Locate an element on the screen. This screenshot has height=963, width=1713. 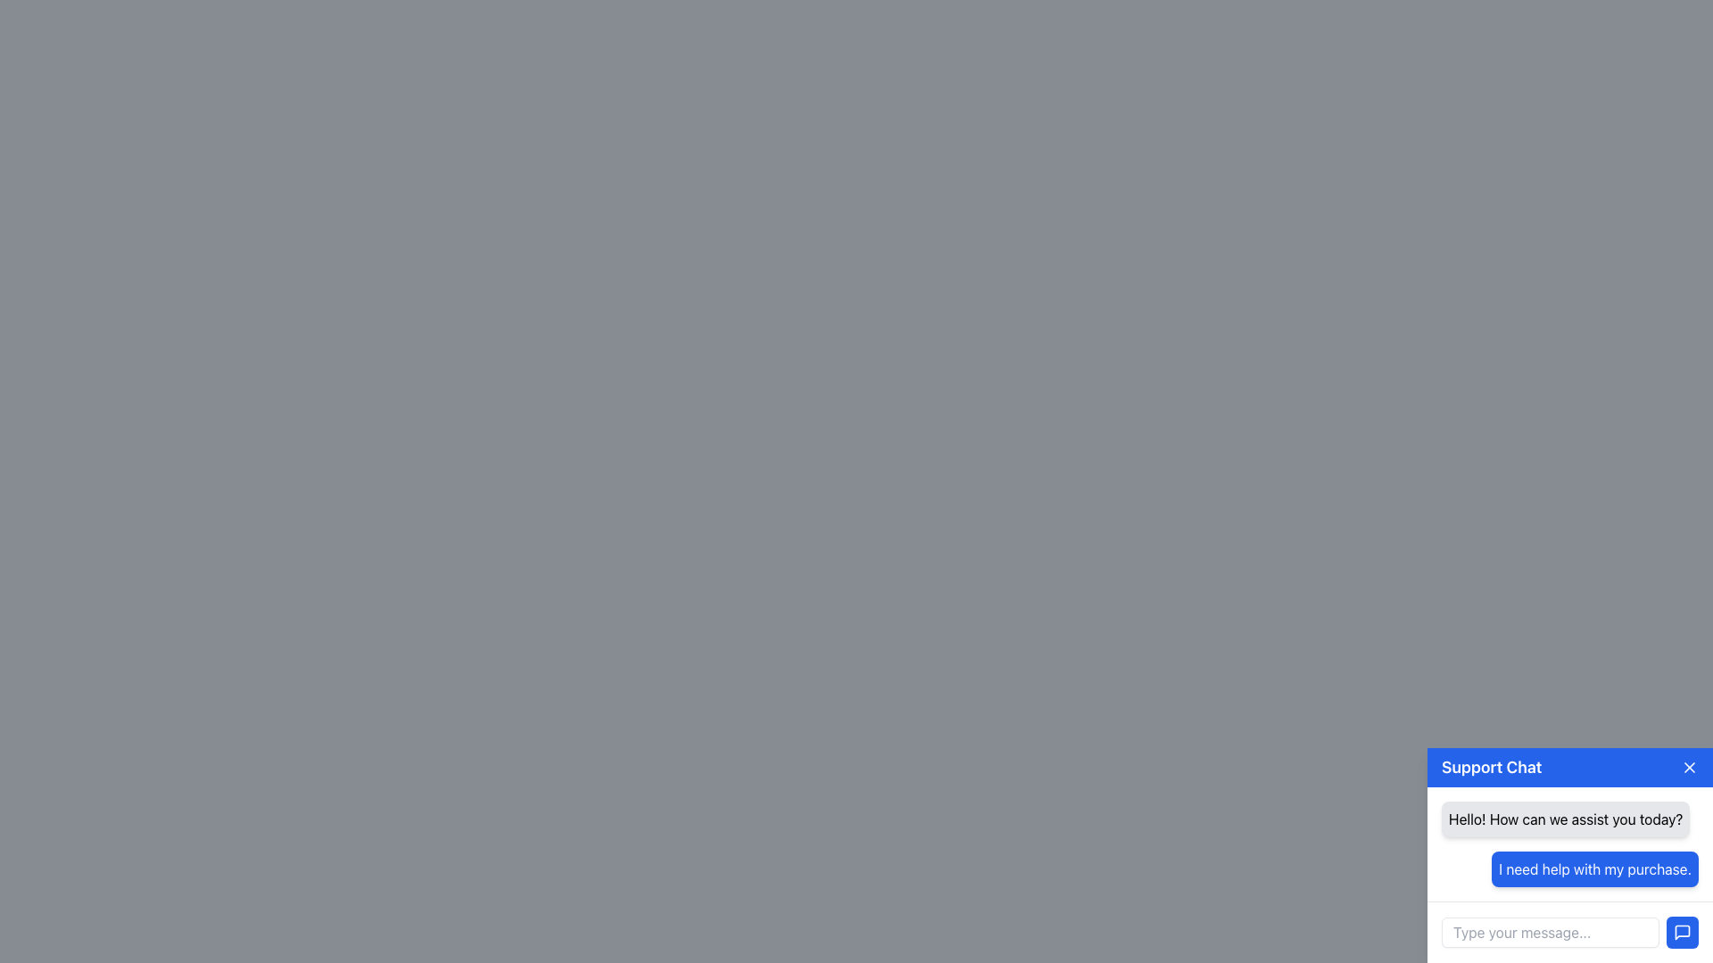
the chat bubble with a blue background and the text 'I need help with my purchase.' which is positioned below a gray bubble in the chat interface is located at coordinates (1570, 868).